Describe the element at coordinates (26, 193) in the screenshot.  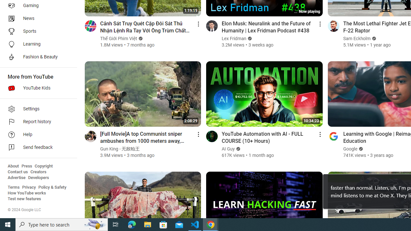
I see `'How YouTube works'` at that location.